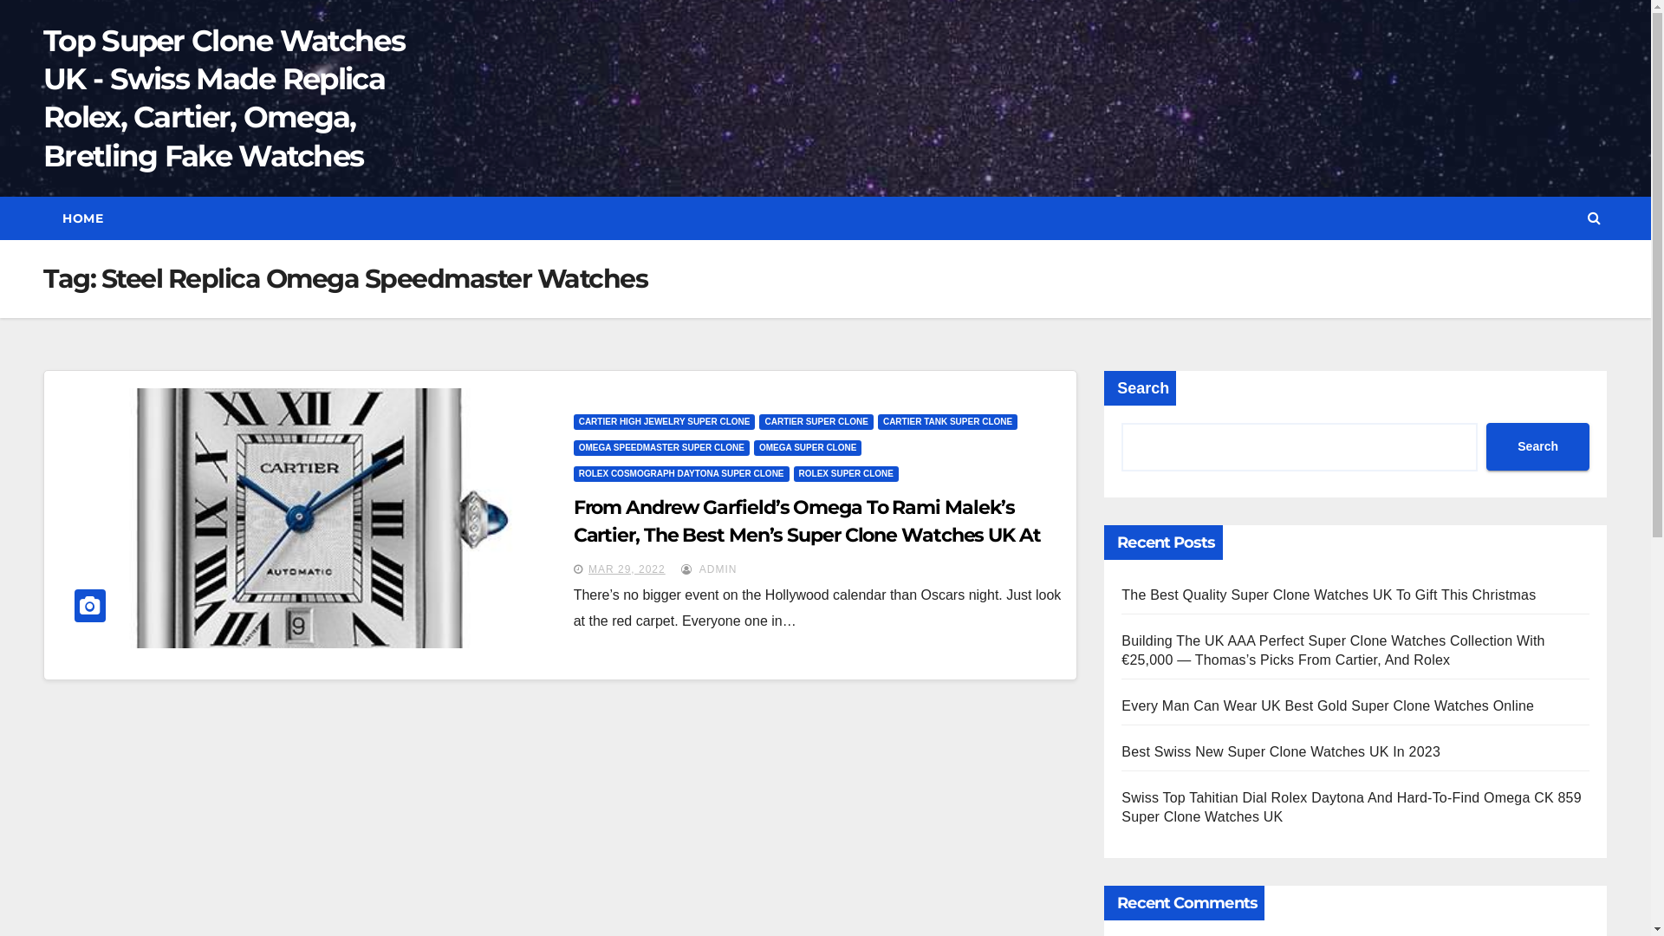 This screenshot has width=1664, height=936. What do you see at coordinates (81, 217) in the screenshot?
I see `'HOME'` at bounding box center [81, 217].